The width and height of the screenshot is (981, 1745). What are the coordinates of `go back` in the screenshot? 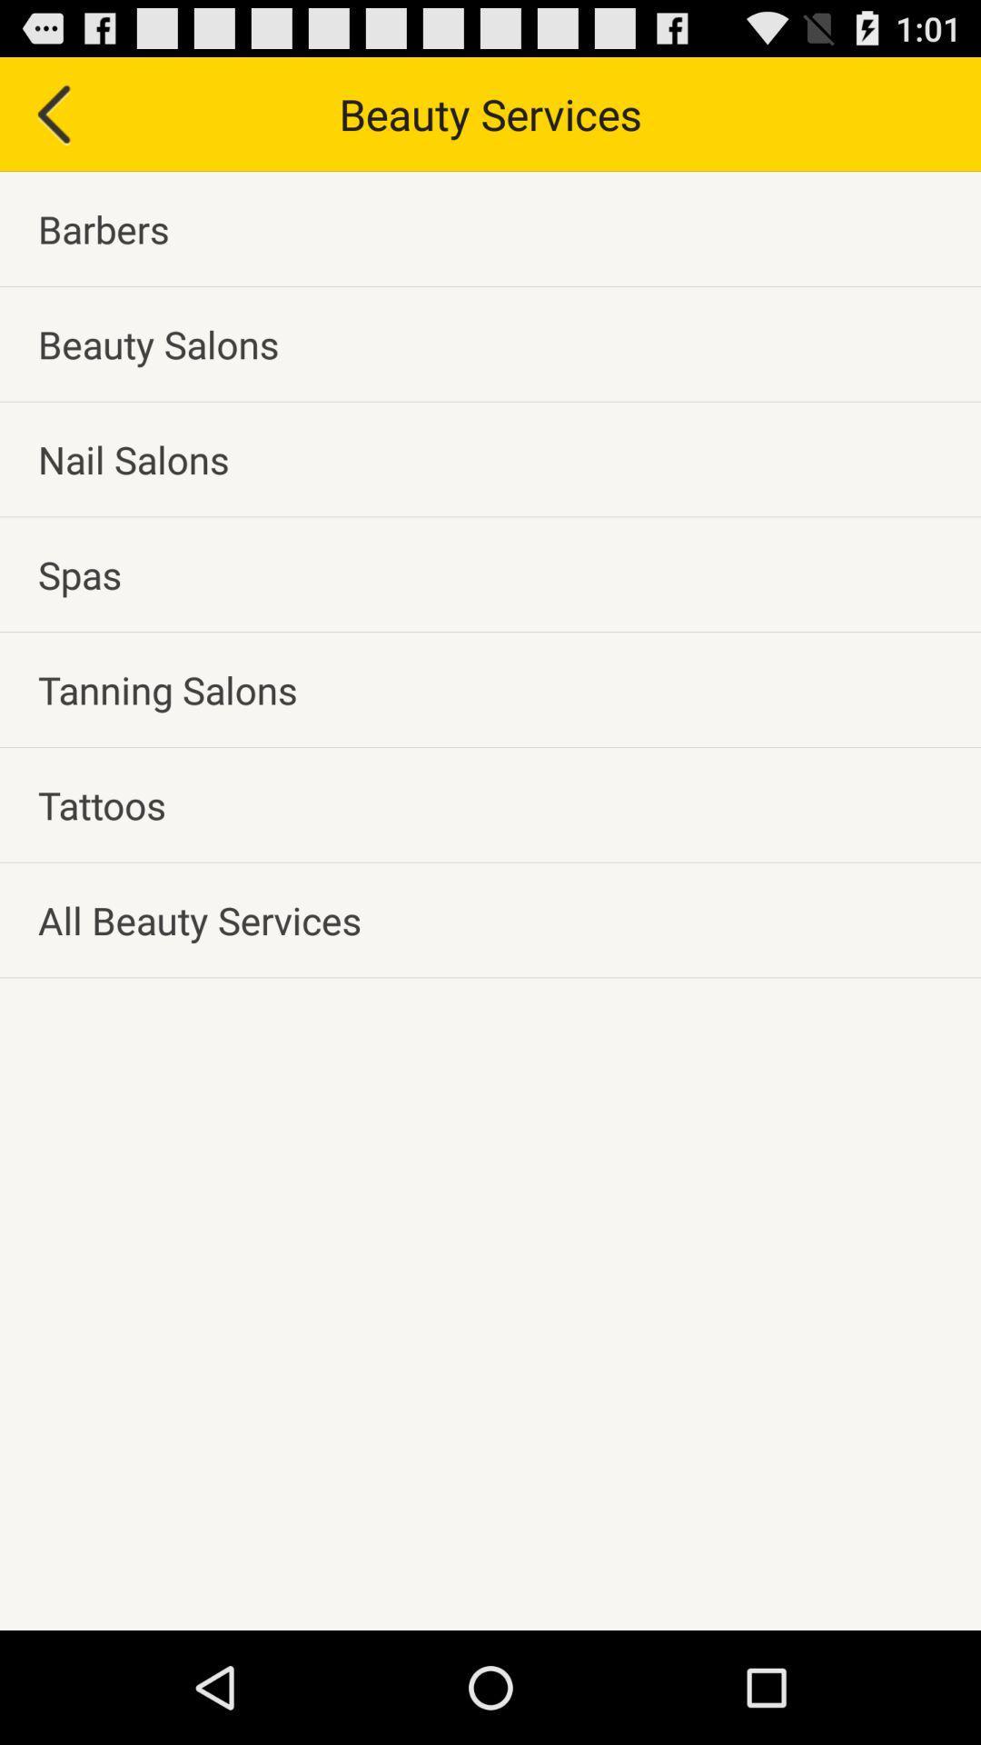 It's located at (51, 113).